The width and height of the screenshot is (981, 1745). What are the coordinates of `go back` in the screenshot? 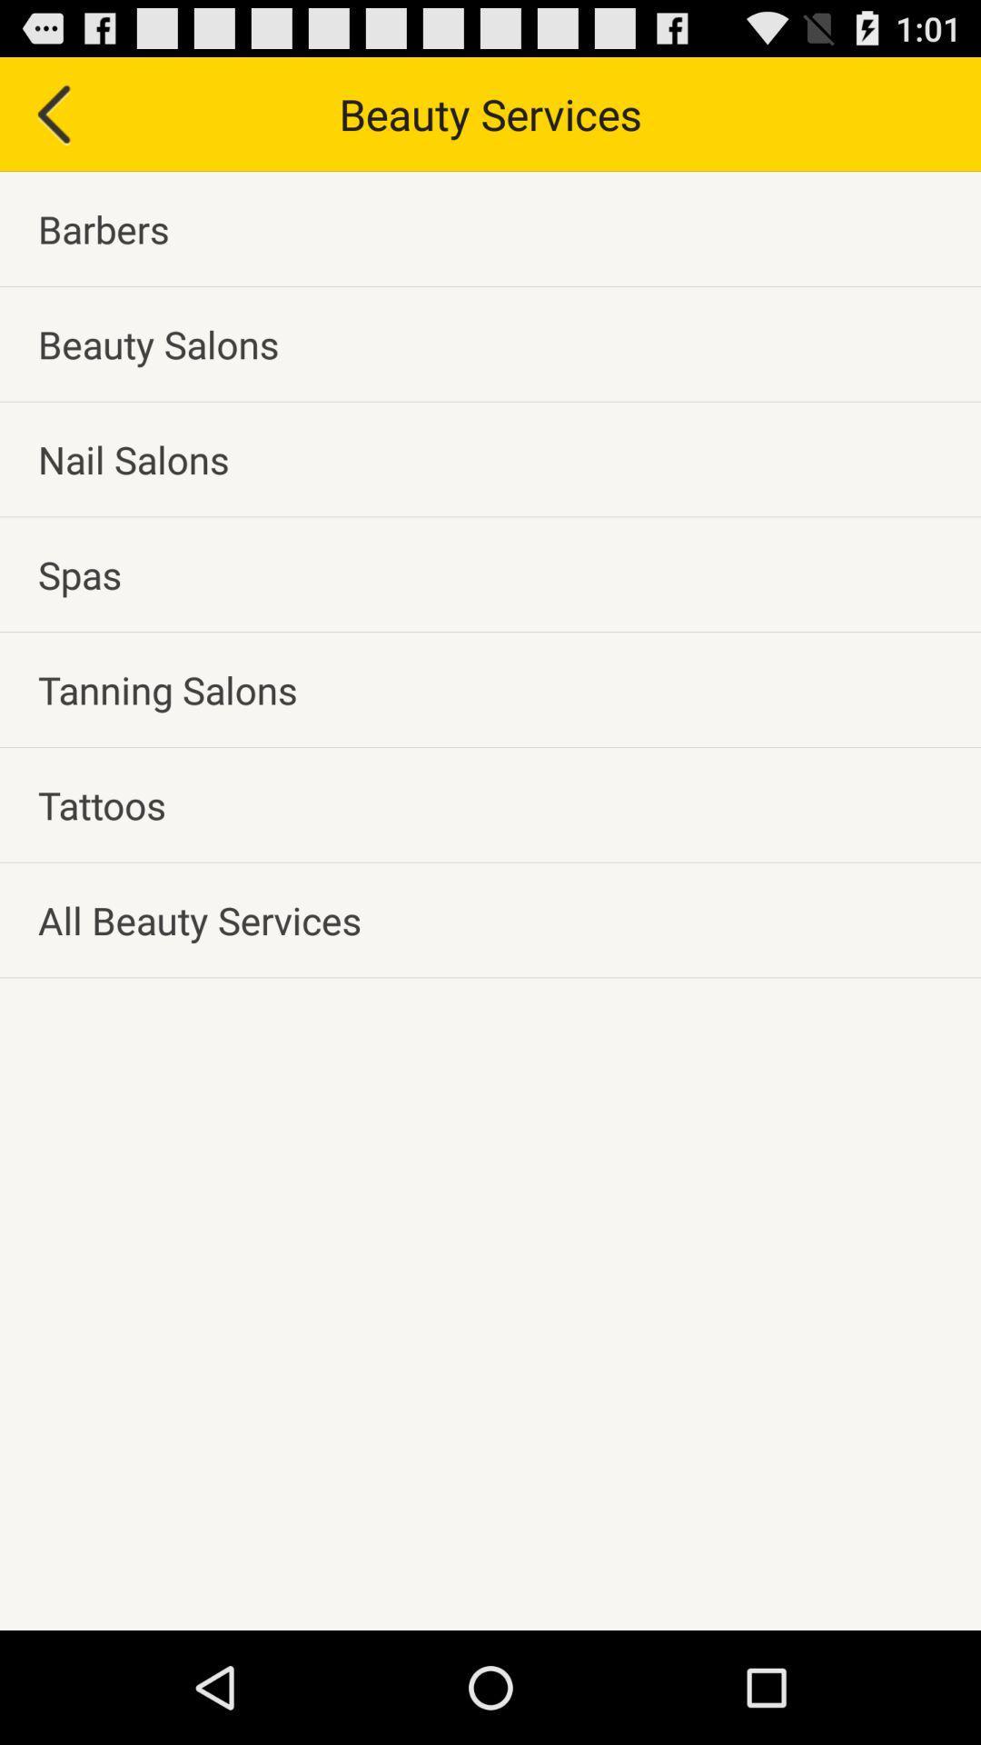 It's located at (51, 113).